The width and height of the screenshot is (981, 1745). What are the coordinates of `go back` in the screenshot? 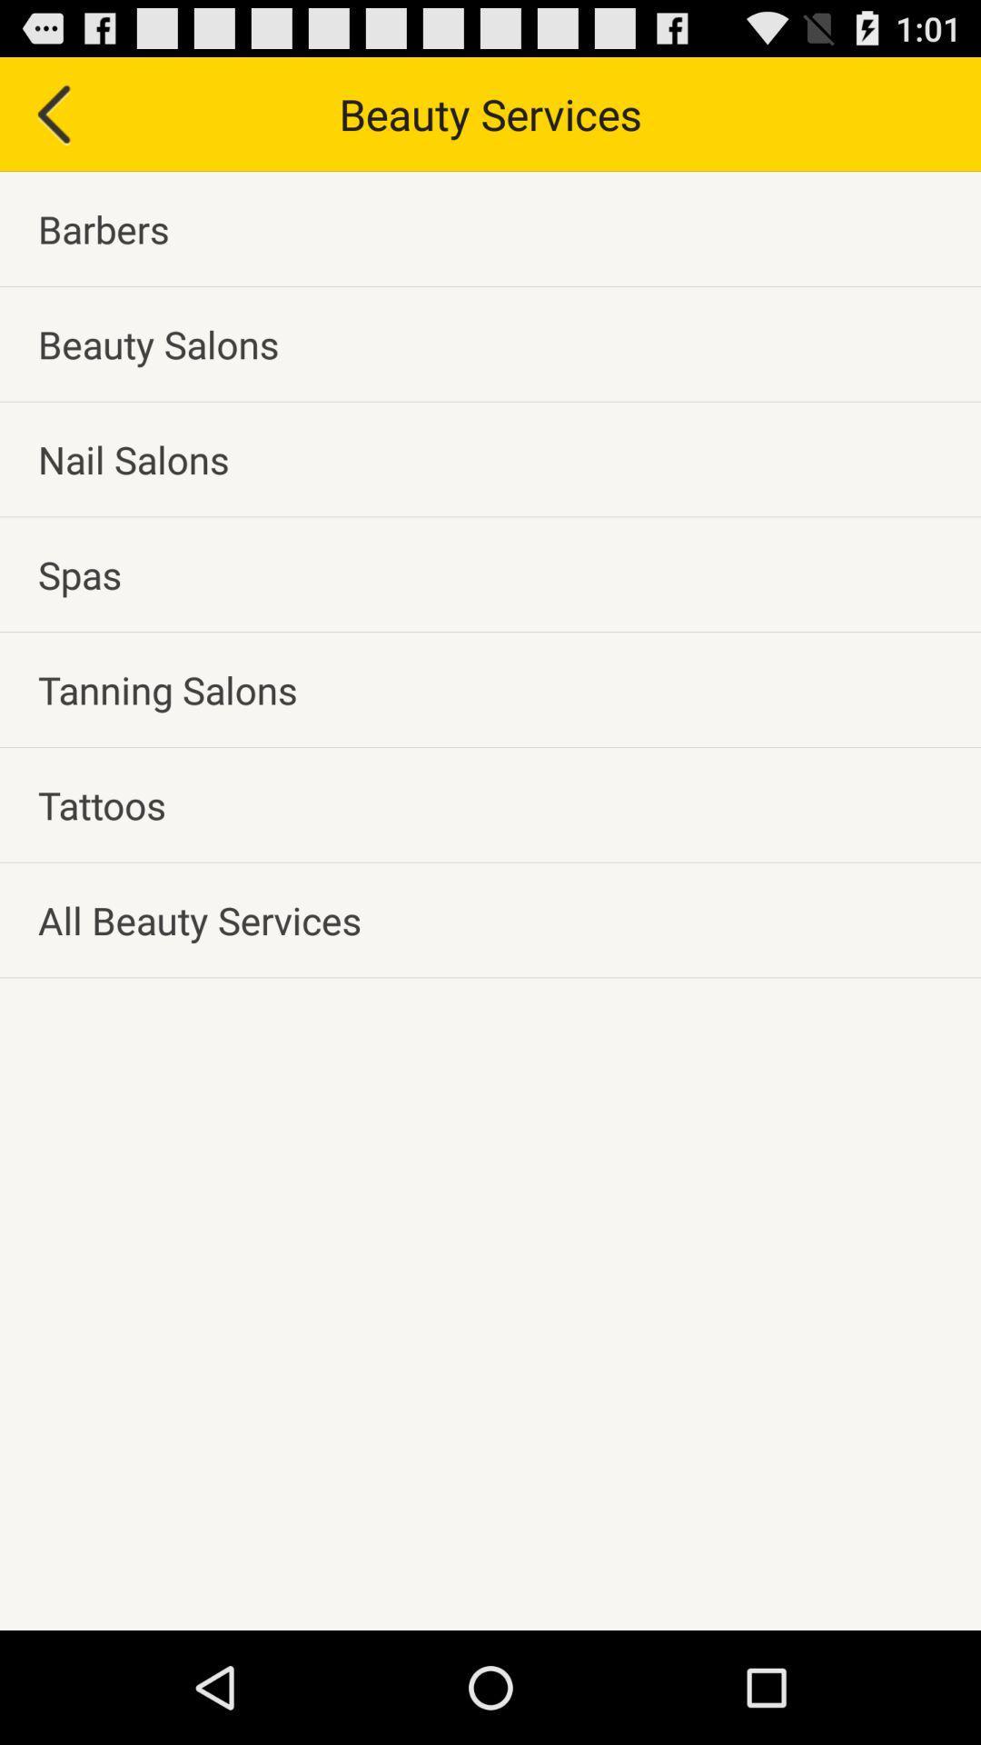 It's located at (51, 113).